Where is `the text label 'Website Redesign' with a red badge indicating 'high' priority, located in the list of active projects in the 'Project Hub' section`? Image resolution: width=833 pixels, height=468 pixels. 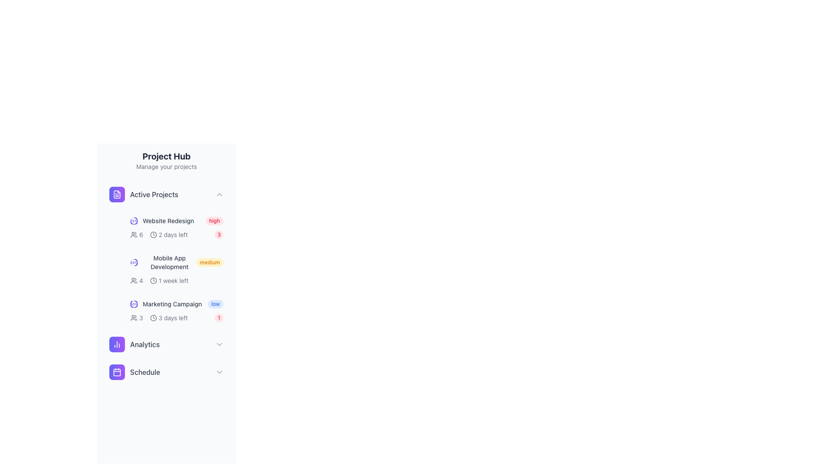 the text label 'Website Redesign' with a red badge indicating 'high' priority, located in the list of active projects in the 'Project Hub' section is located at coordinates (177, 220).